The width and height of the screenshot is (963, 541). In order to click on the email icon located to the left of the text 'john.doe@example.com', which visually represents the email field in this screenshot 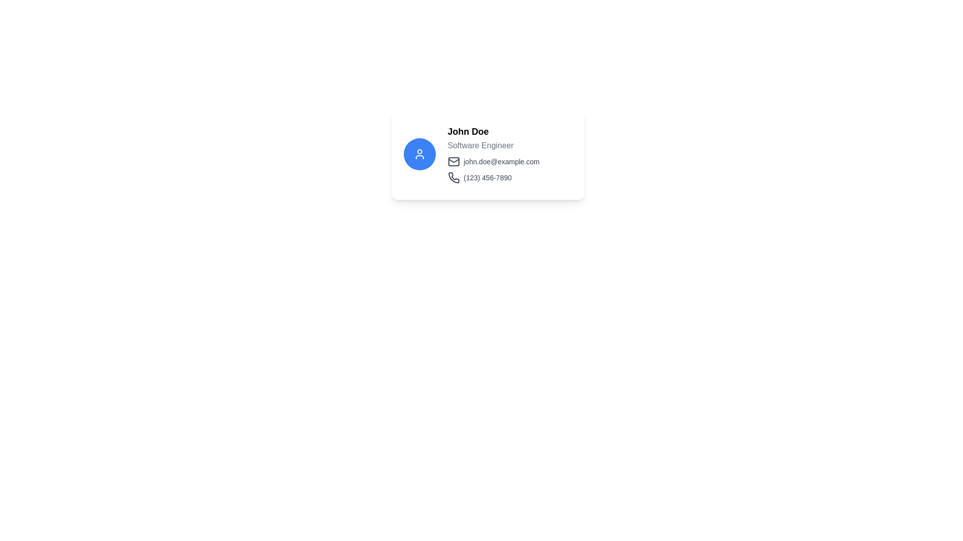, I will do `click(453, 161)`.